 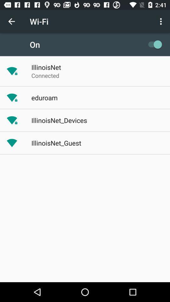 What do you see at coordinates (44, 98) in the screenshot?
I see `the eduroam` at bounding box center [44, 98].